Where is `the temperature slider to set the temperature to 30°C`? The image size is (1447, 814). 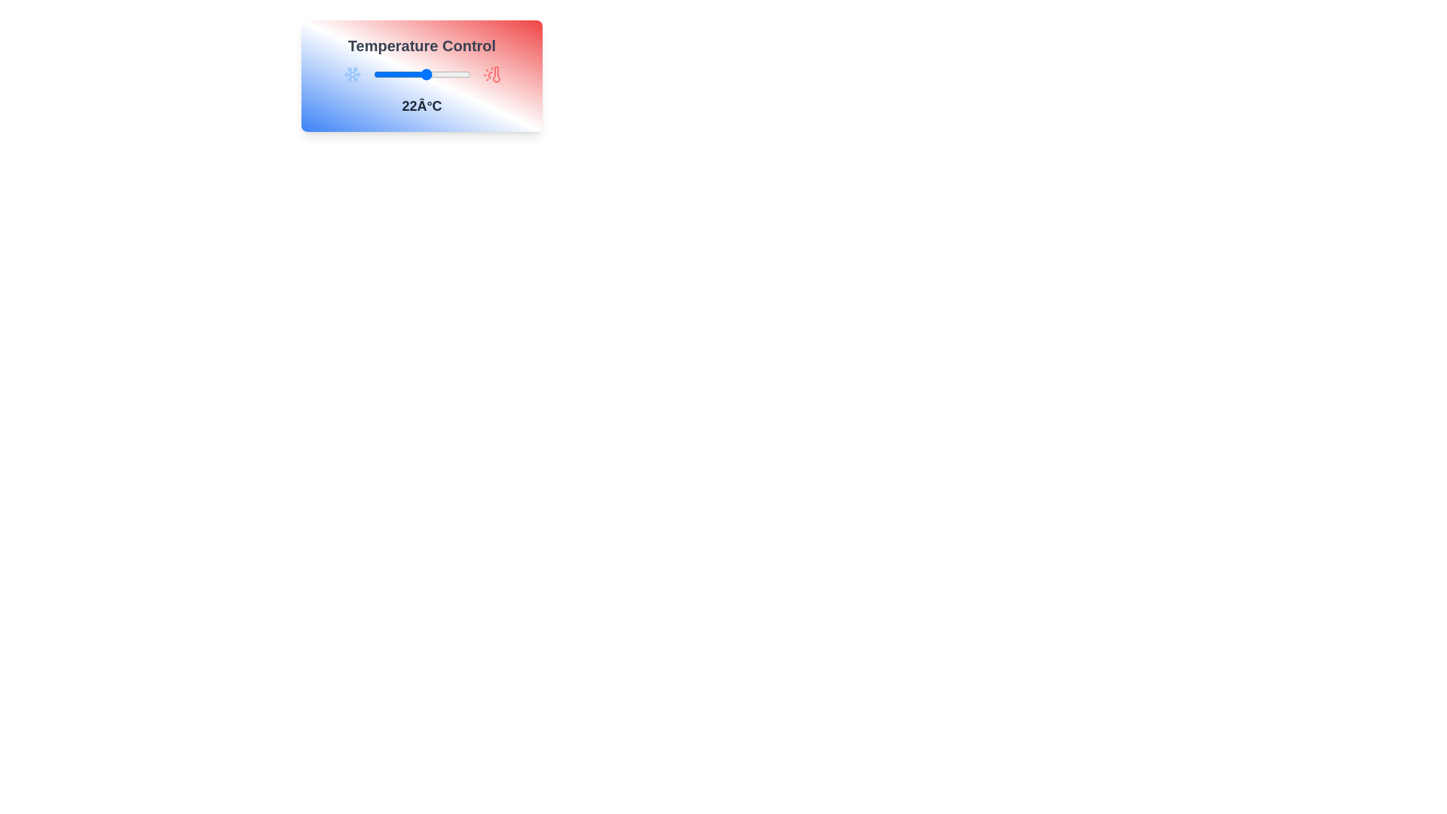 the temperature slider to set the temperature to 30°C is located at coordinates (445, 75).